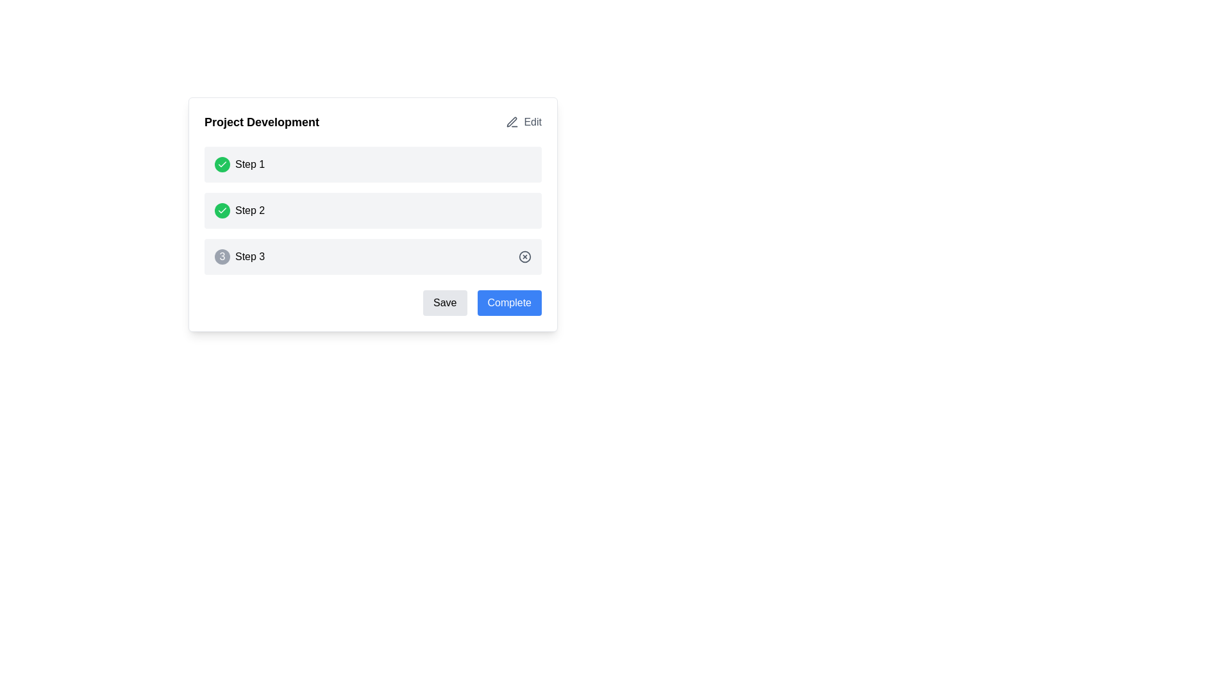  What do you see at coordinates (512, 122) in the screenshot?
I see `the editing icon located in the top right area of the 'Project Development' card, next to the 'Edit' label` at bounding box center [512, 122].